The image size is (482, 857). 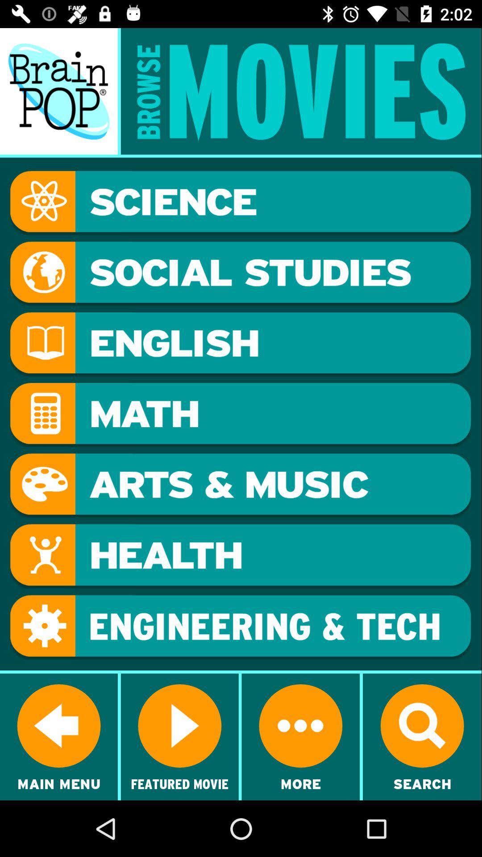 What do you see at coordinates (240, 415) in the screenshot?
I see `math` at bounding box center [240, 415].